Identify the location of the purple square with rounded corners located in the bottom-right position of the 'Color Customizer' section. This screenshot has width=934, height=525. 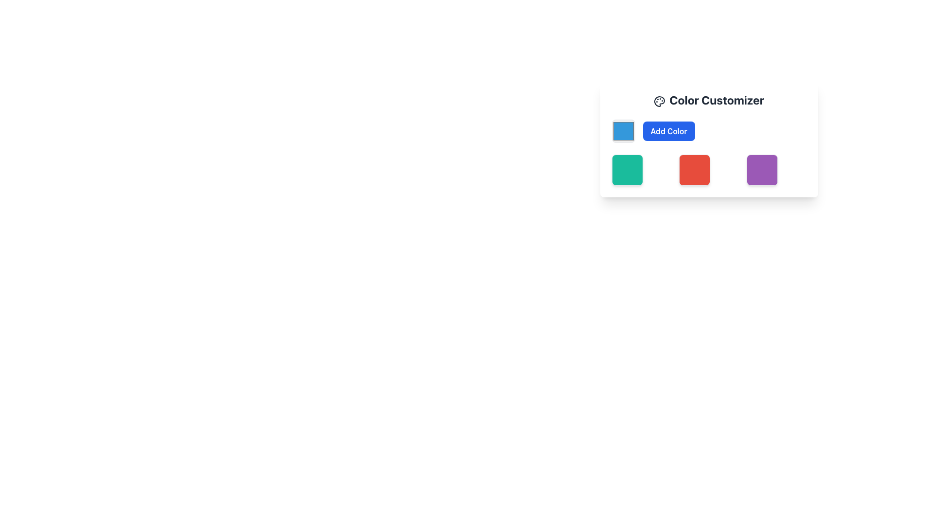
(761, 170).